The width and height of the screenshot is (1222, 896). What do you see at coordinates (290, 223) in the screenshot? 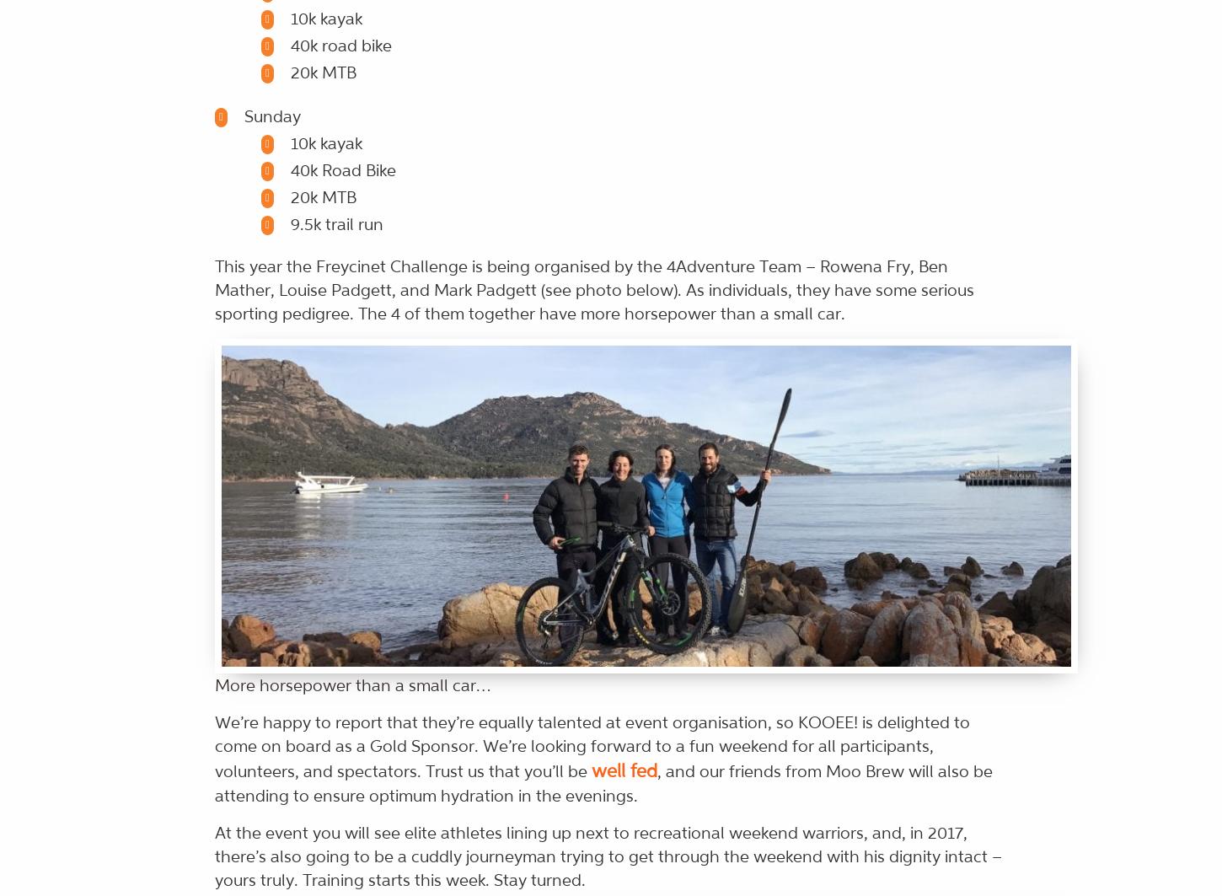
I see `'9.5k trail run'` at bounding box center [290, 223].